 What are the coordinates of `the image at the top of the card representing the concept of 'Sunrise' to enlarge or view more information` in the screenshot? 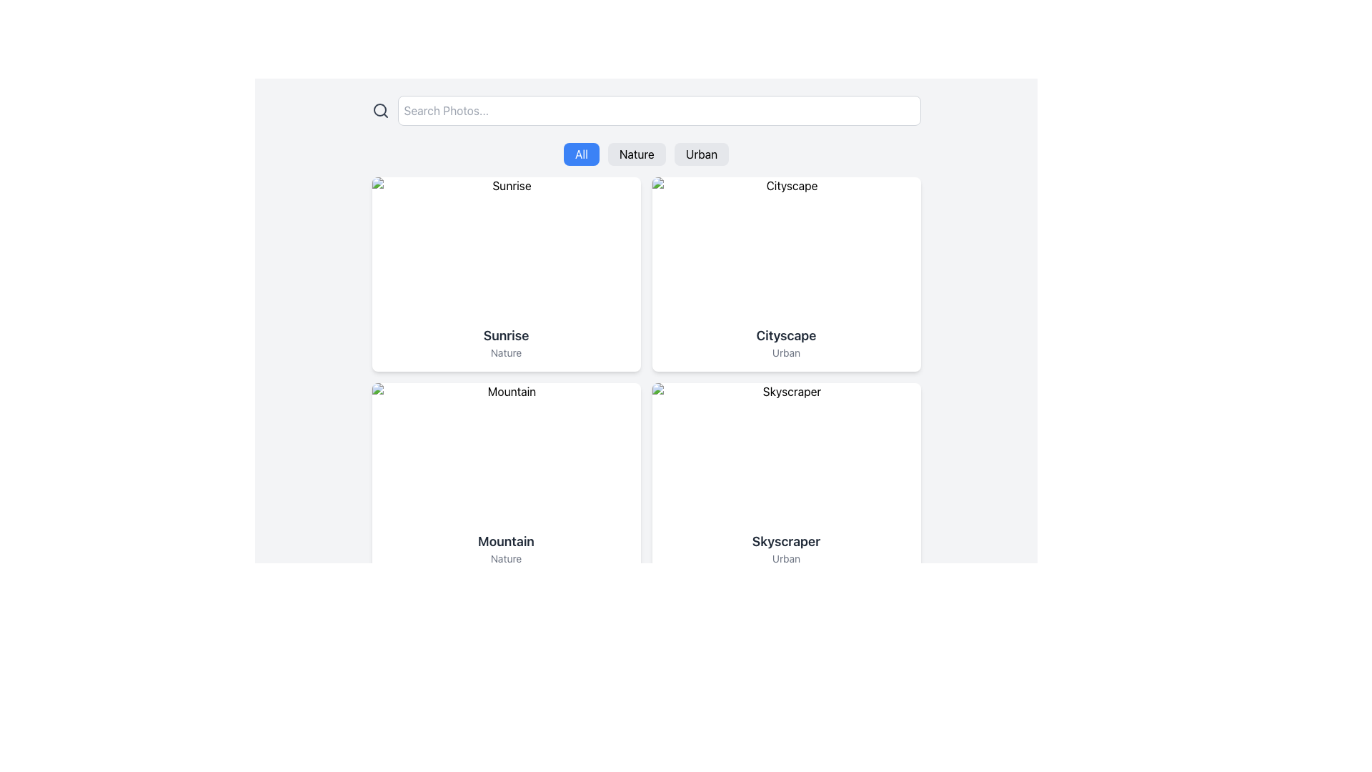 It's located at (506, 244).